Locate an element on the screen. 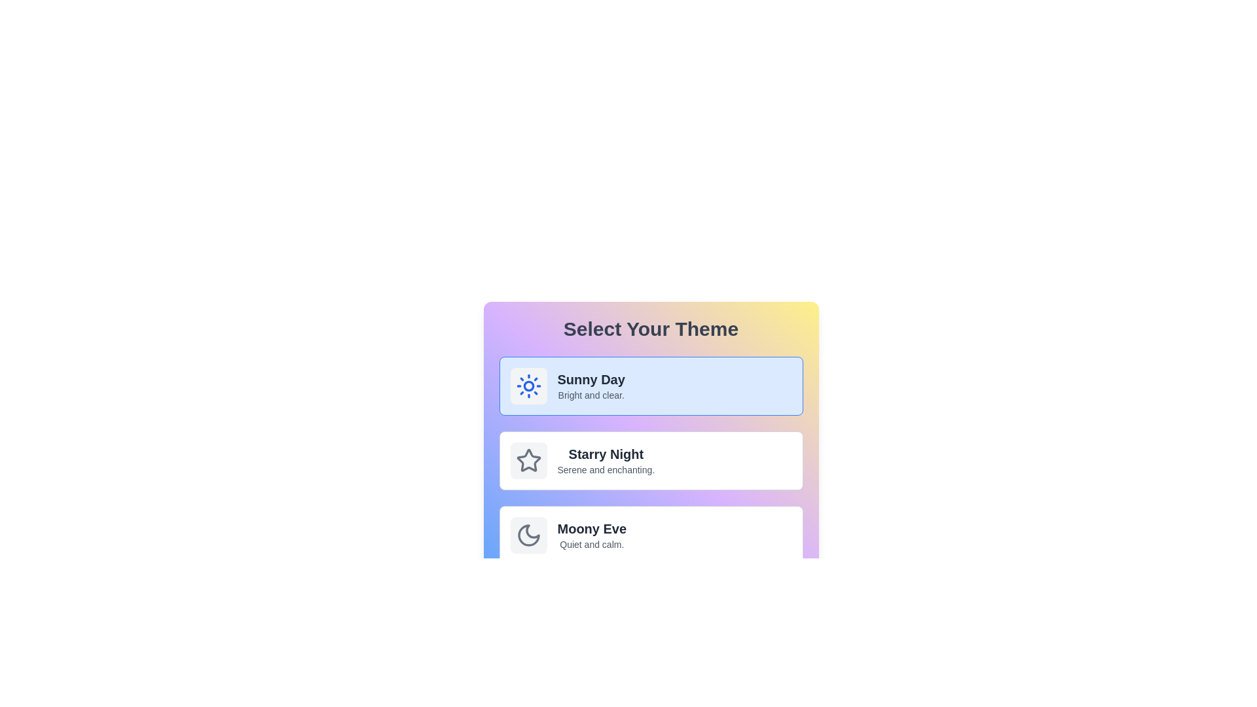 This screenshot has height=707, width=1257. the star icon located in the second option card labeled 'Starry Night', positioned above the text 'Serene and enchanting' is located at coordinates (528, 460).